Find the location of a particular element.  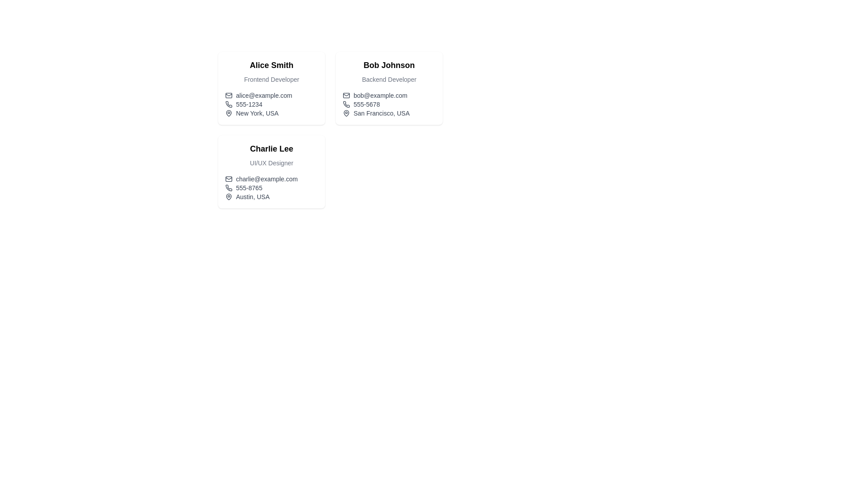

the phone receiver icon in the contact card for 'Alice Smith', which is the second icon below the email address icon and positioned to the left of the phone number '555-1234' is located at coordinates (228, 104).